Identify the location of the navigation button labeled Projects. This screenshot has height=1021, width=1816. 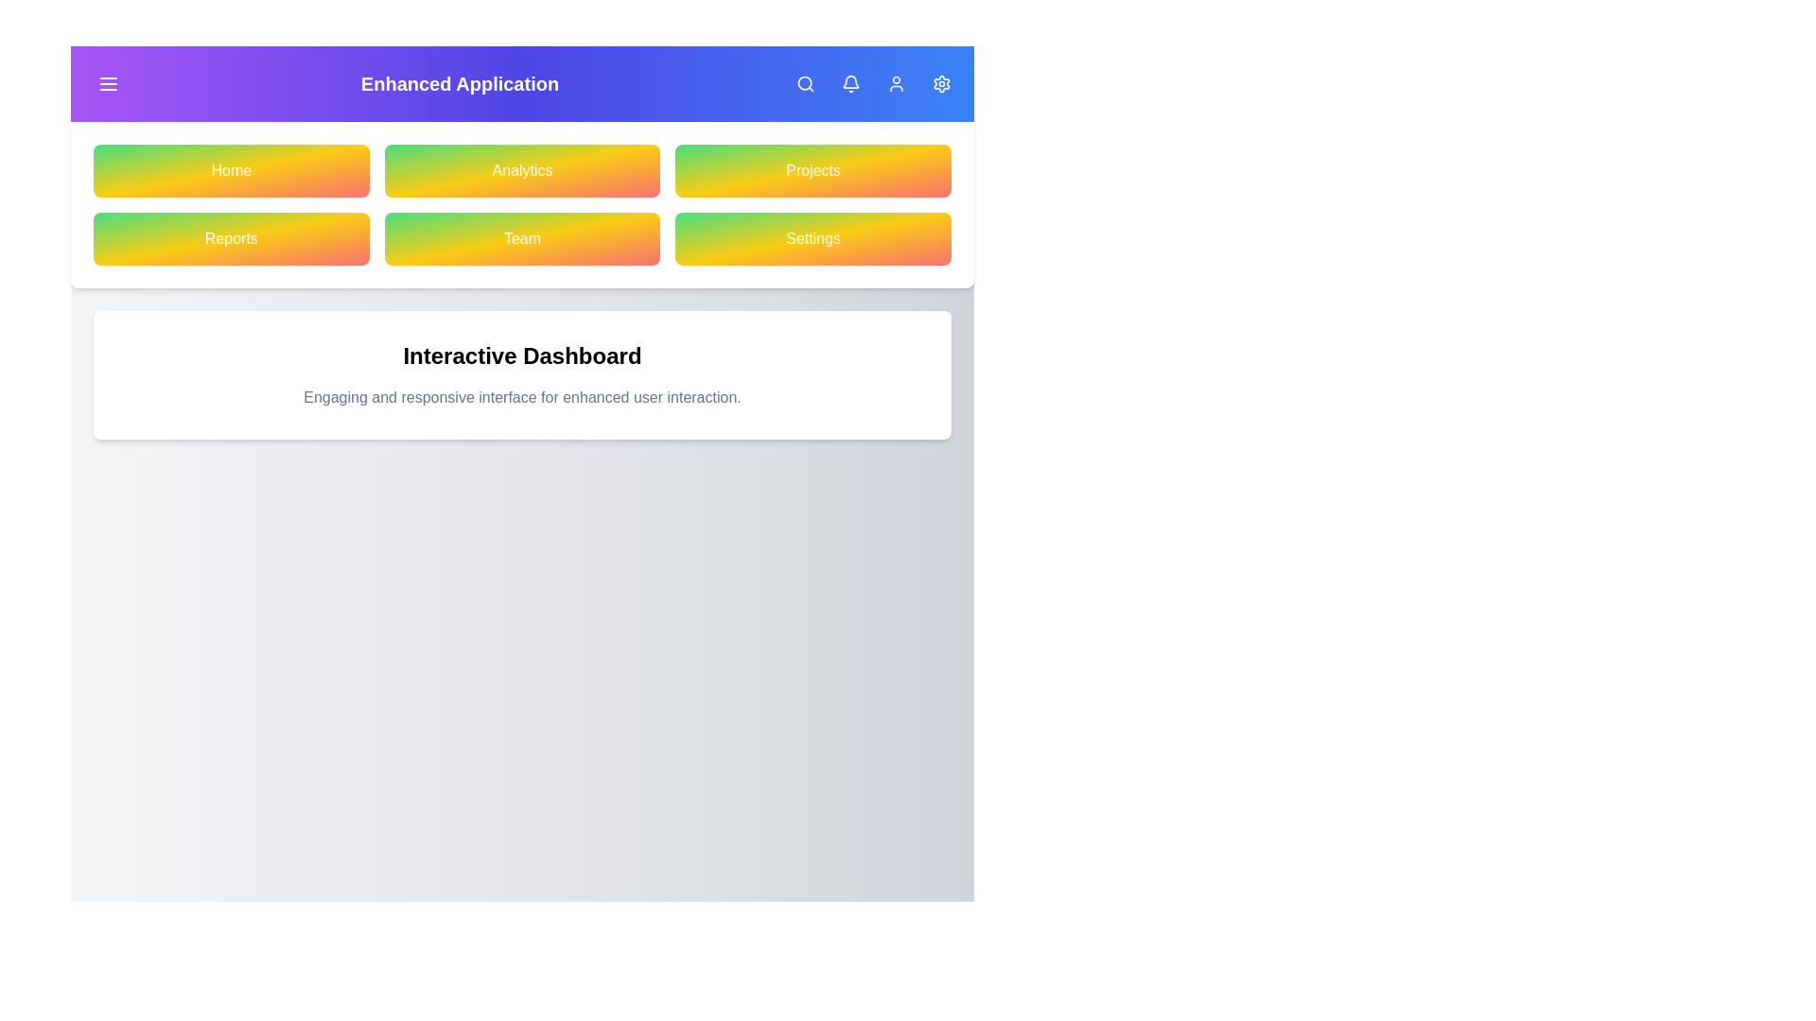
(813, 171).